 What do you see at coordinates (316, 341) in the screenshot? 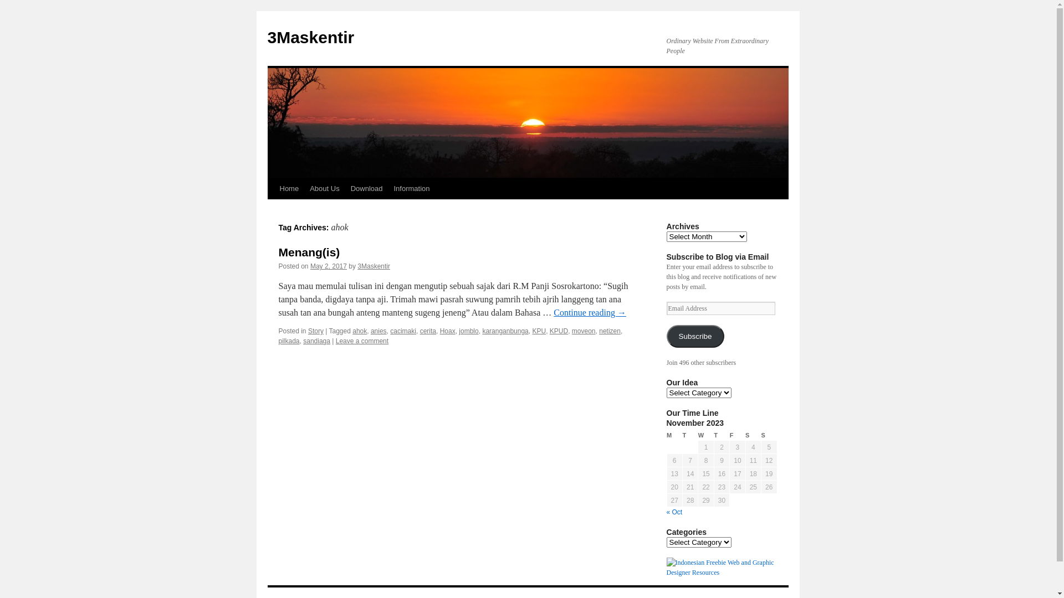
I see `'sandiaga'` at bounding box center [316, 341].